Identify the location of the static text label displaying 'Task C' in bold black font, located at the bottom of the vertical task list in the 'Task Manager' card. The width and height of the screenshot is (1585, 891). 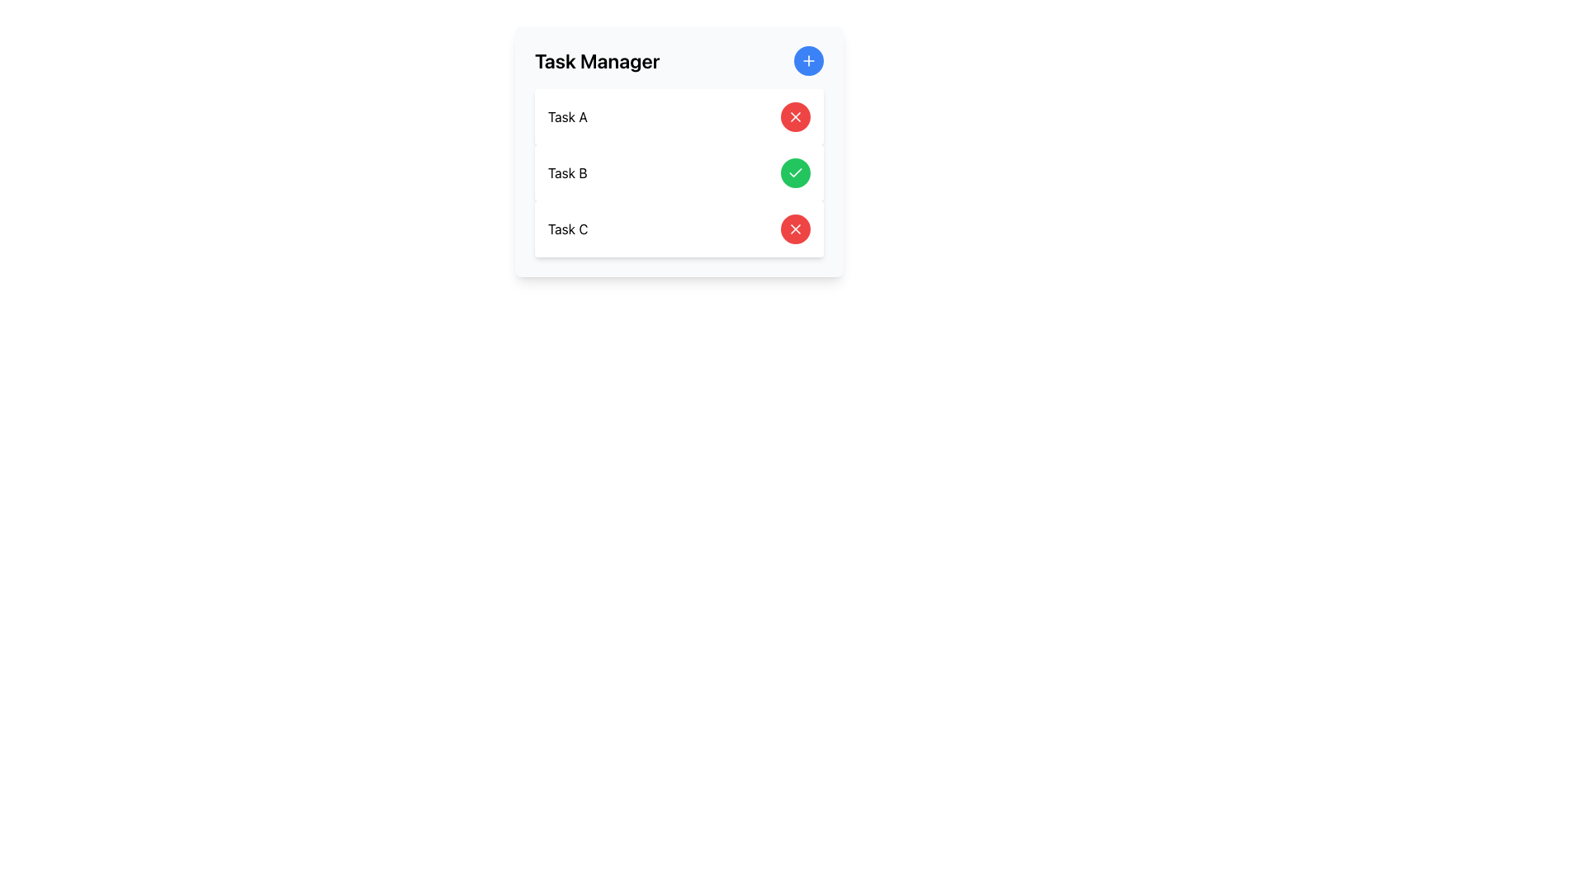
(568, 229).